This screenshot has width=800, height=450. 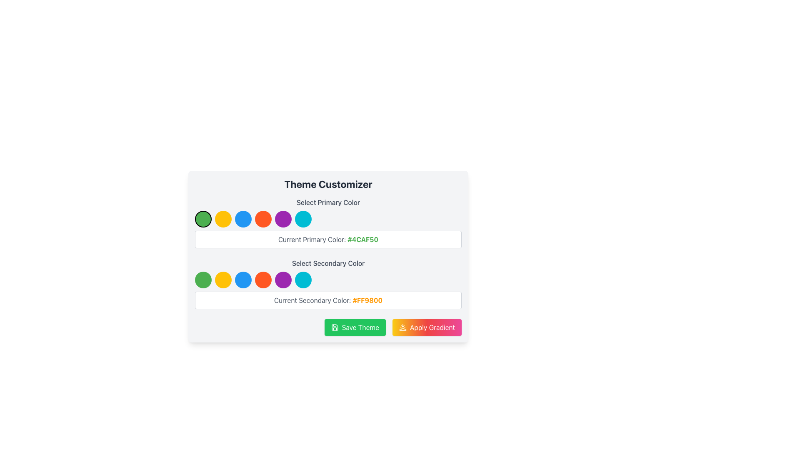 What do you see at coordinates (203, 280) in the screenshot?
I see `the first circular button with a green background in the row of color-select buttons under the 'Select Secondary Color' section of the theme customizer interface` at bounding box center [203, 280].